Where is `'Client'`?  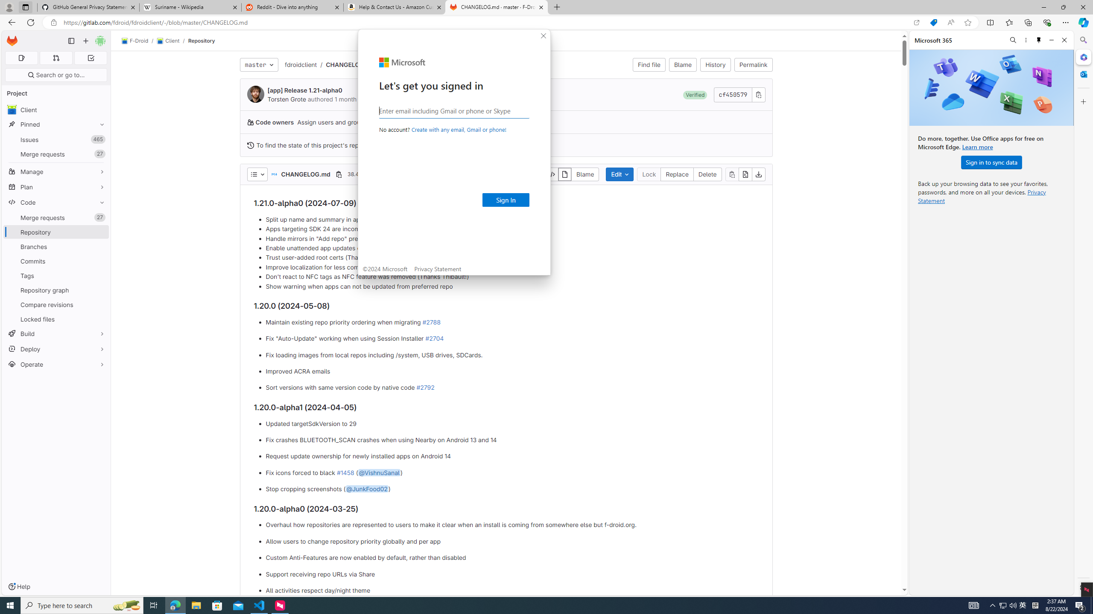
'Client' is located at coordinates (167, 41).